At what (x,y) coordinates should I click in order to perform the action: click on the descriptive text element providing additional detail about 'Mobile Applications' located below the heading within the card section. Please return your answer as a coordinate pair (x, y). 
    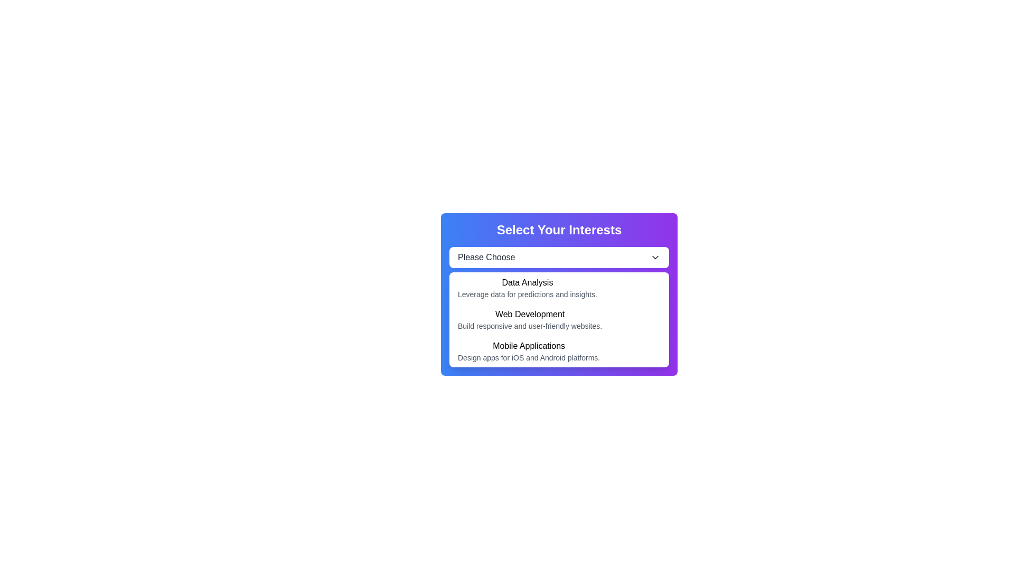
    Looking at the image, I should click on (529, 357).